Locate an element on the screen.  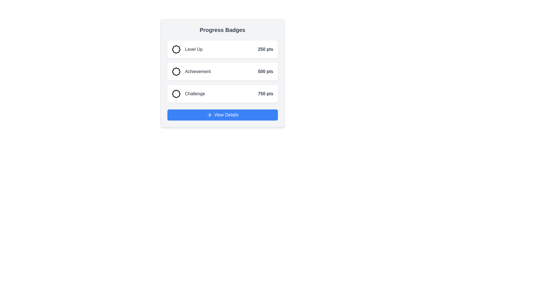
the blue button labeled 'View Details' with a right-pointing arrow icon is located at coordinates (226, 114).